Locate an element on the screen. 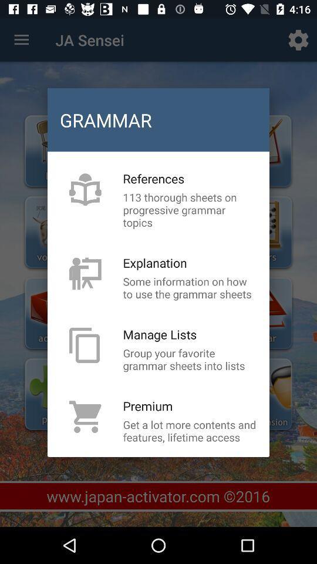 This screenshot has width=317, height=564. item above the group your favorite is located at coordinates (159, 334).